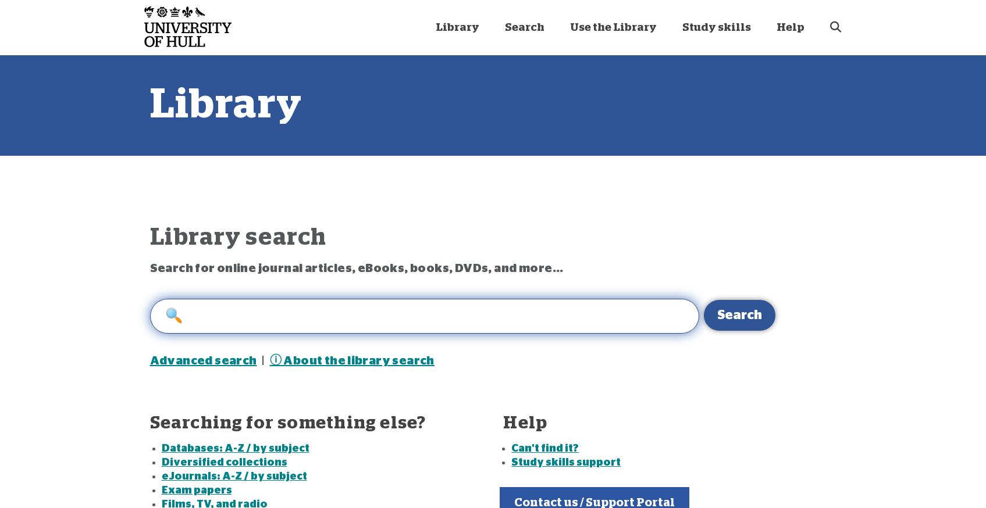 This screenshot has height=508, width=986. What do you see at coordinates (282, 123) in the screenshot?
I see `'Online advice, workshops, and support for:'` at bounding box center [282, 123].